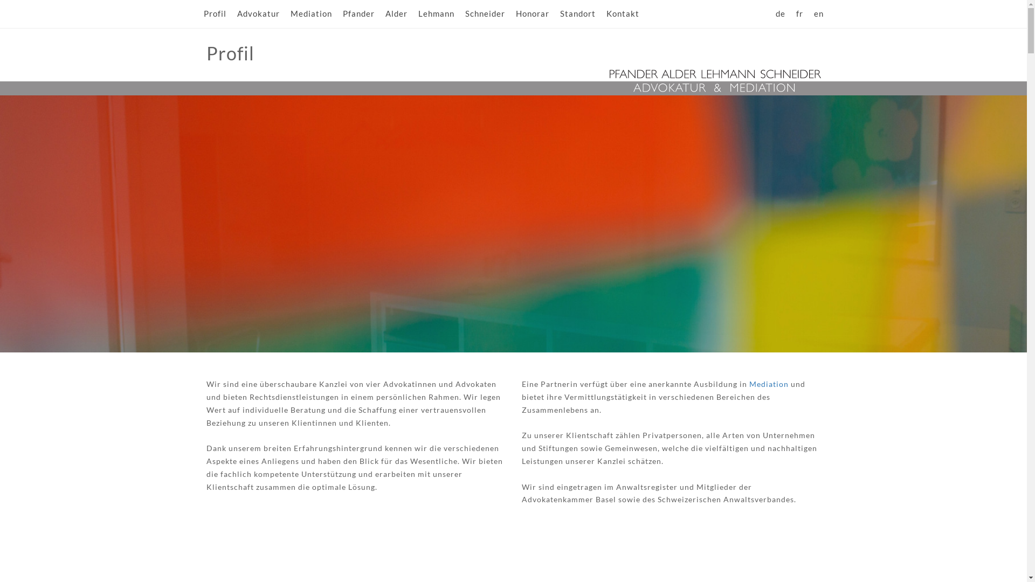 The image size is (1035, 582). What do you see at coordinates (395, 14) in the screenshot?
I see `'Alder'` at bounding box center [395, 14].